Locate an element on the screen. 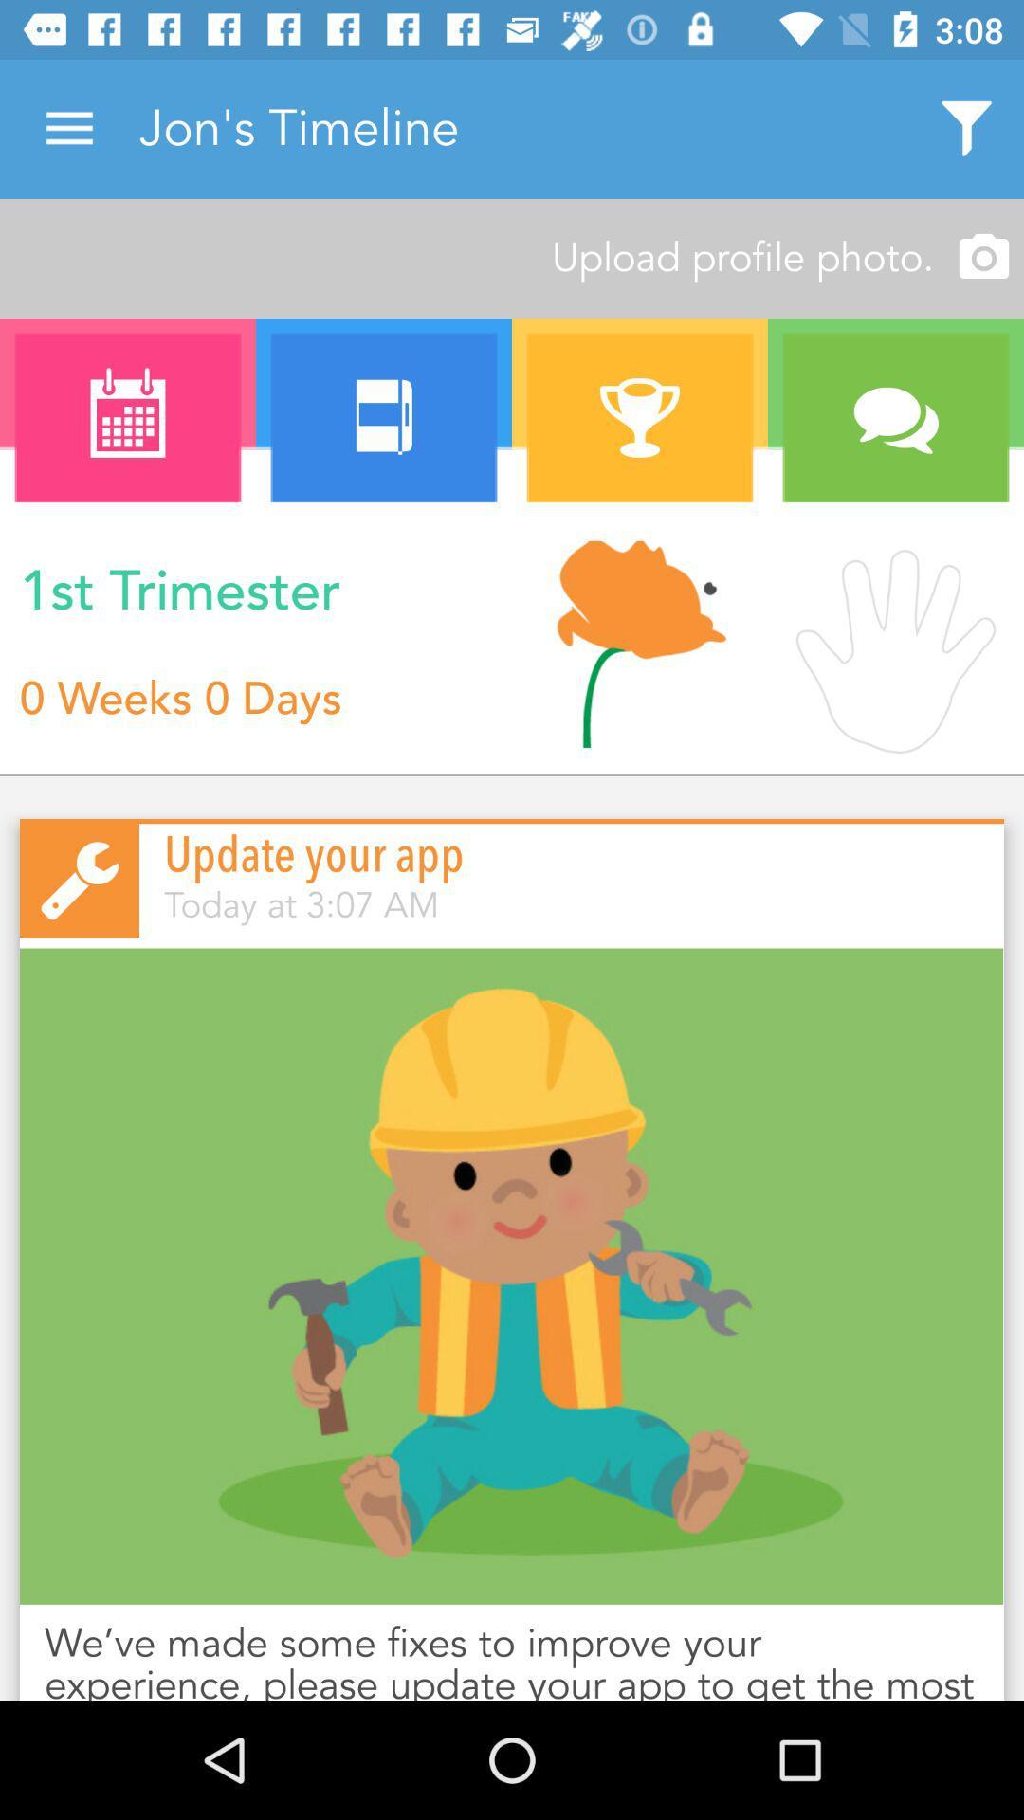 The image size is (1024, 1820). item to the left of the jon's timeline icon is located at coordinates (68, 128).